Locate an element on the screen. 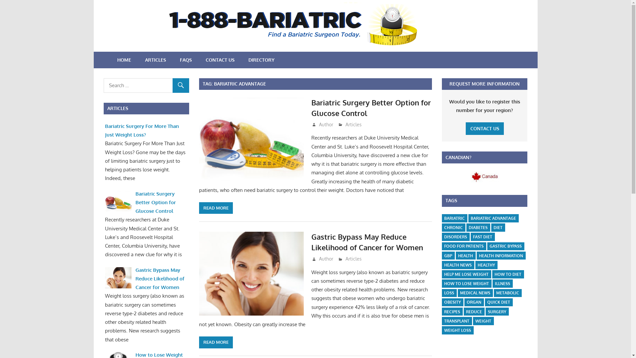 Image resolution: width=636 pixels, height=358 pixels. 'QUICK DIET' is located at coordinates (485, 302).